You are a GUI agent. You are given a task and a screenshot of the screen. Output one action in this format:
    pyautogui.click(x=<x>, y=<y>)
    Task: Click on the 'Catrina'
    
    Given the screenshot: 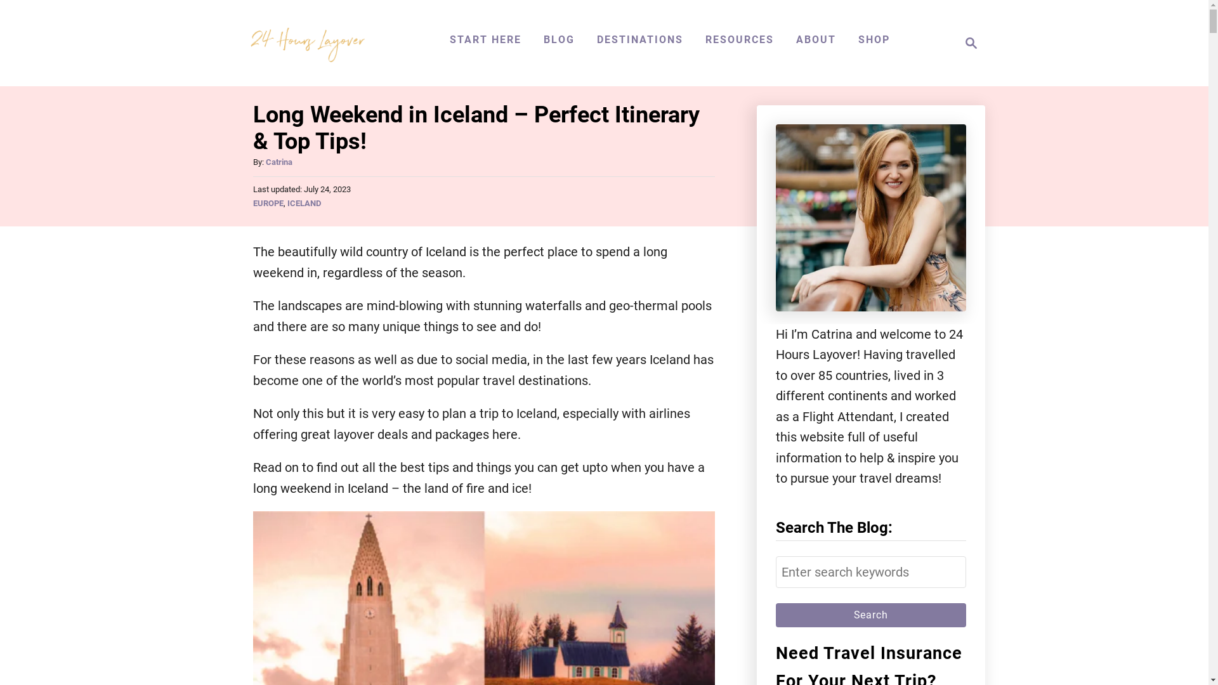 What is the action you would take?
    pyautogui.click(x=277, y=161)
    